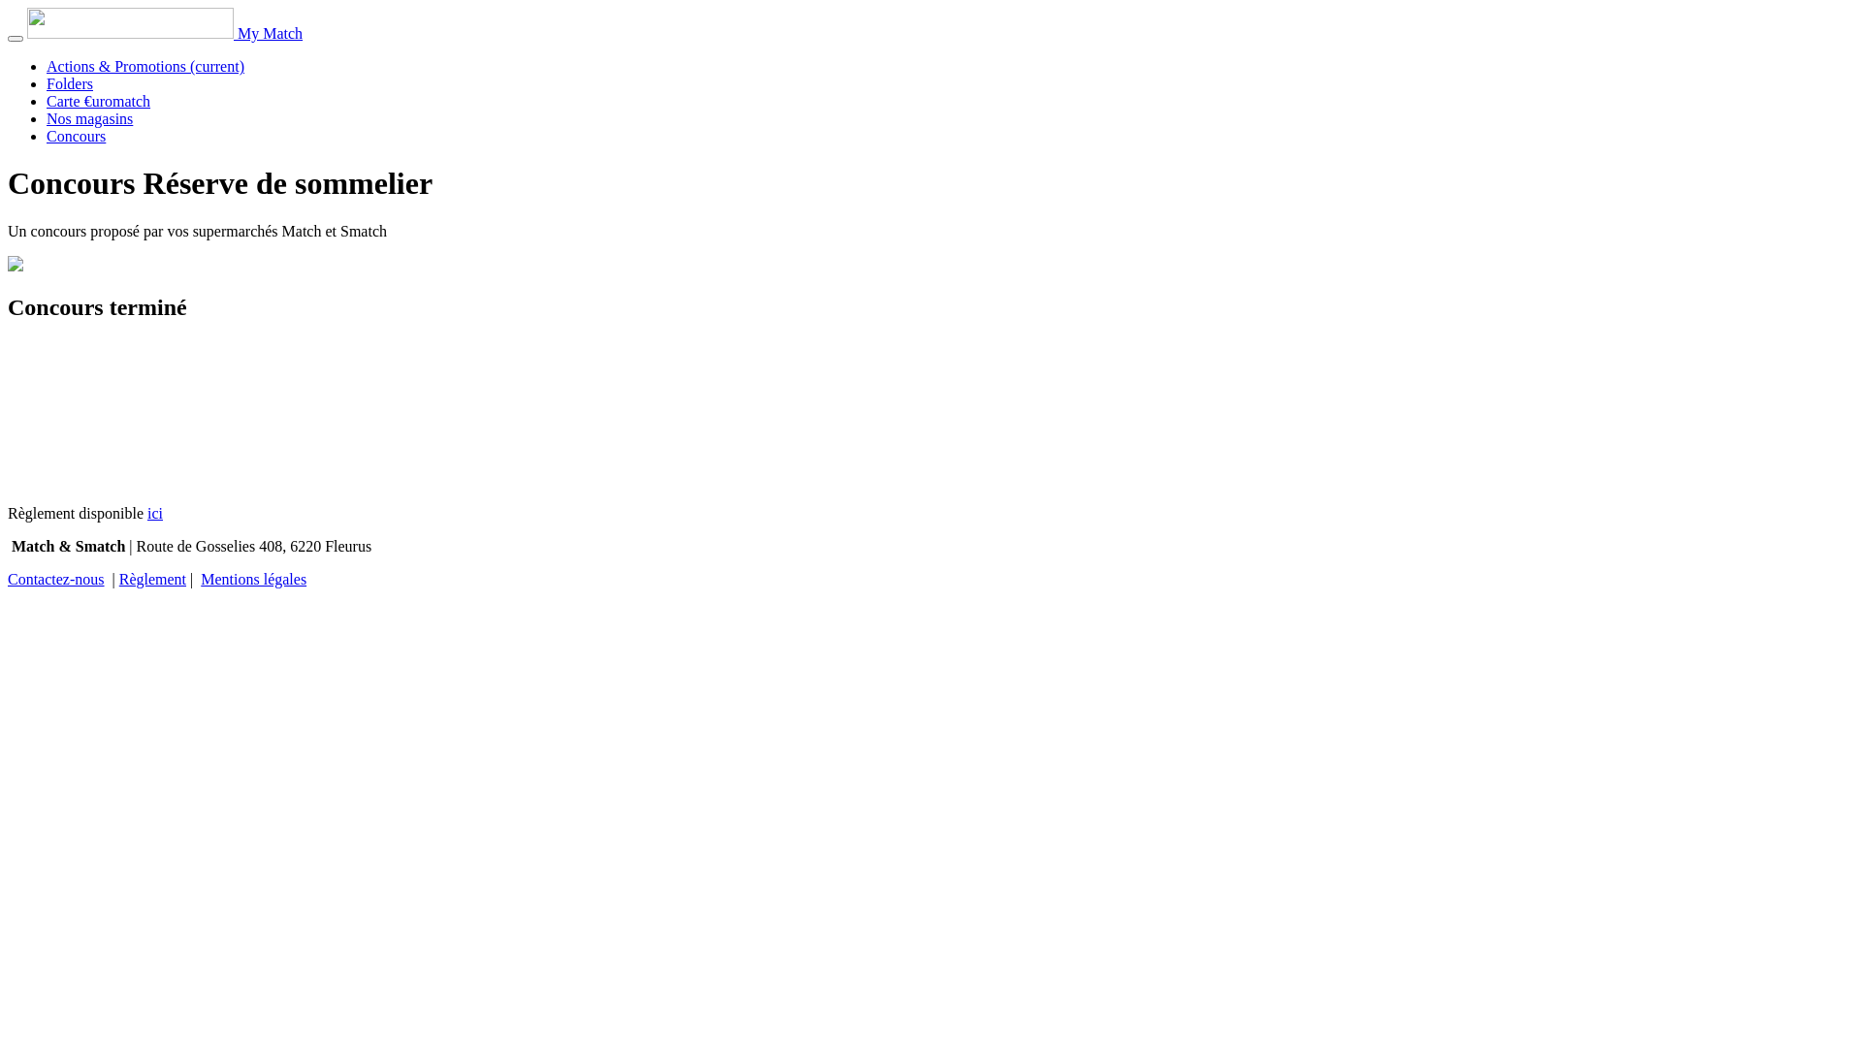 The image size is (1862, 1047). Describe the element at coordinates (88, 118) in the screenshot. I see `'Nos magasins'` at that location.